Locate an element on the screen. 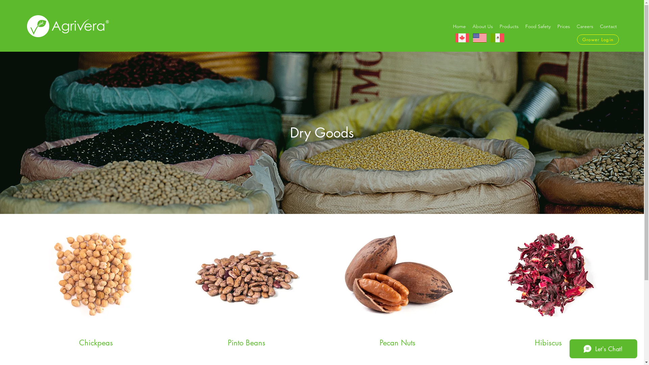 This screenshot has width=649, height=365. 'Products' is located at coordinates (509, 26).